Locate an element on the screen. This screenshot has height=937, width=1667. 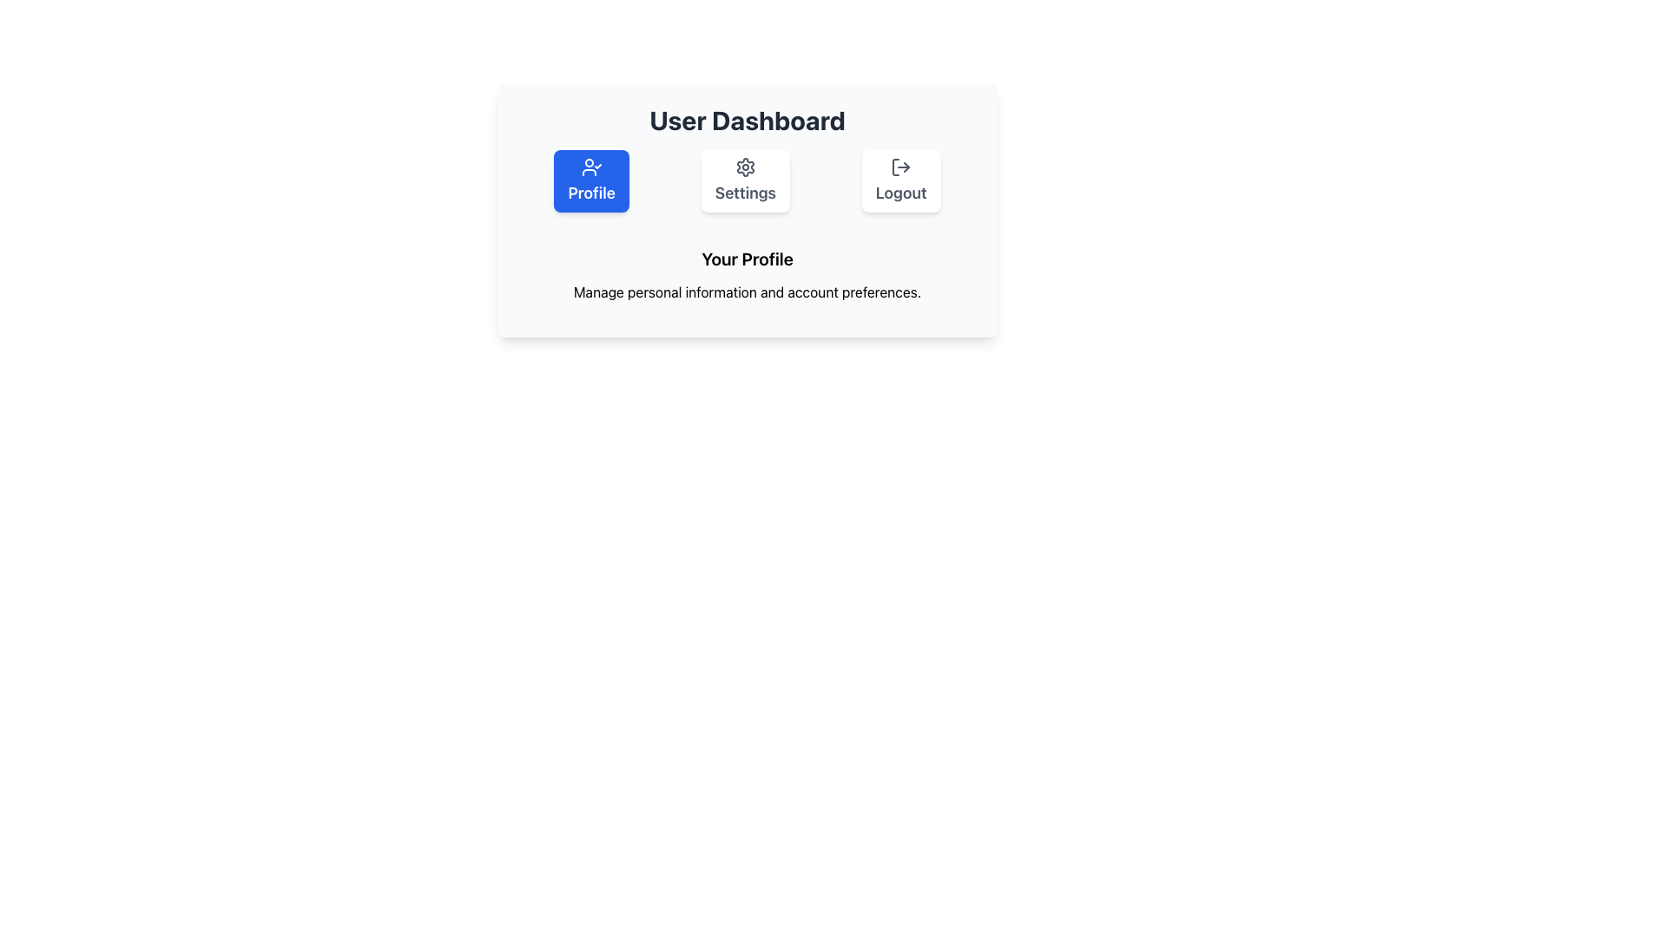
the 'Settings' text label located below the gear icon in the button group at the center of the dashboard interface is located at coordinates (745, 193).